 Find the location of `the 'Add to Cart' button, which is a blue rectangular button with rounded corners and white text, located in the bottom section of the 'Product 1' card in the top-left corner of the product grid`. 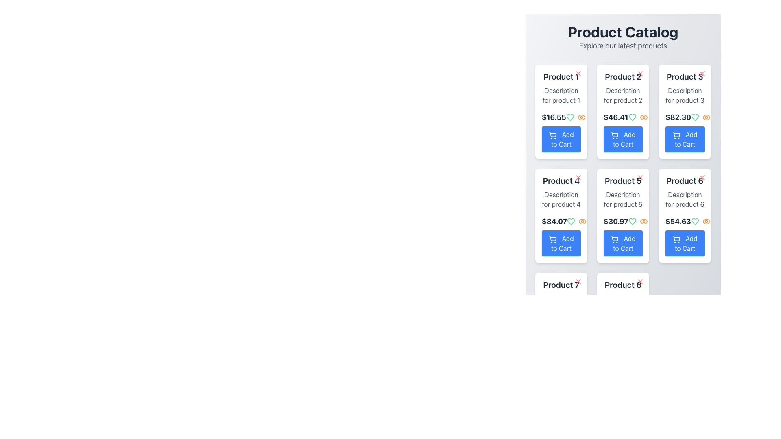

the 'Add to Cart' button, which is a blue rectangular button with rounded corners and white text, located in the bottom section of the 'Product 1' card in the top-left corner of the product grid is located at coordinates (561, 139).